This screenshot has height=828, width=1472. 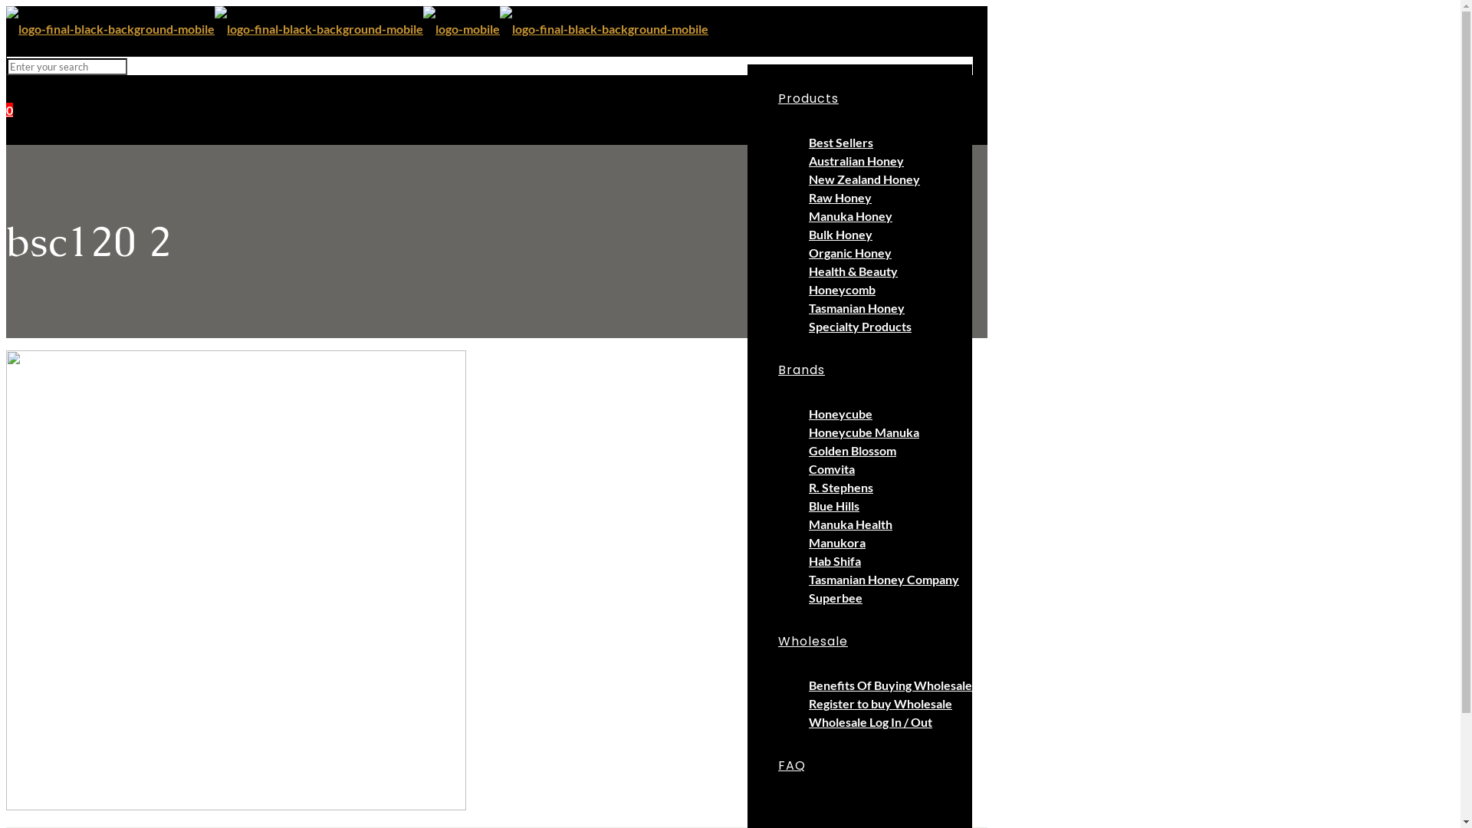 I want to click on 'Benefits Of Buying Wholesale', so click(x=808, y=684).